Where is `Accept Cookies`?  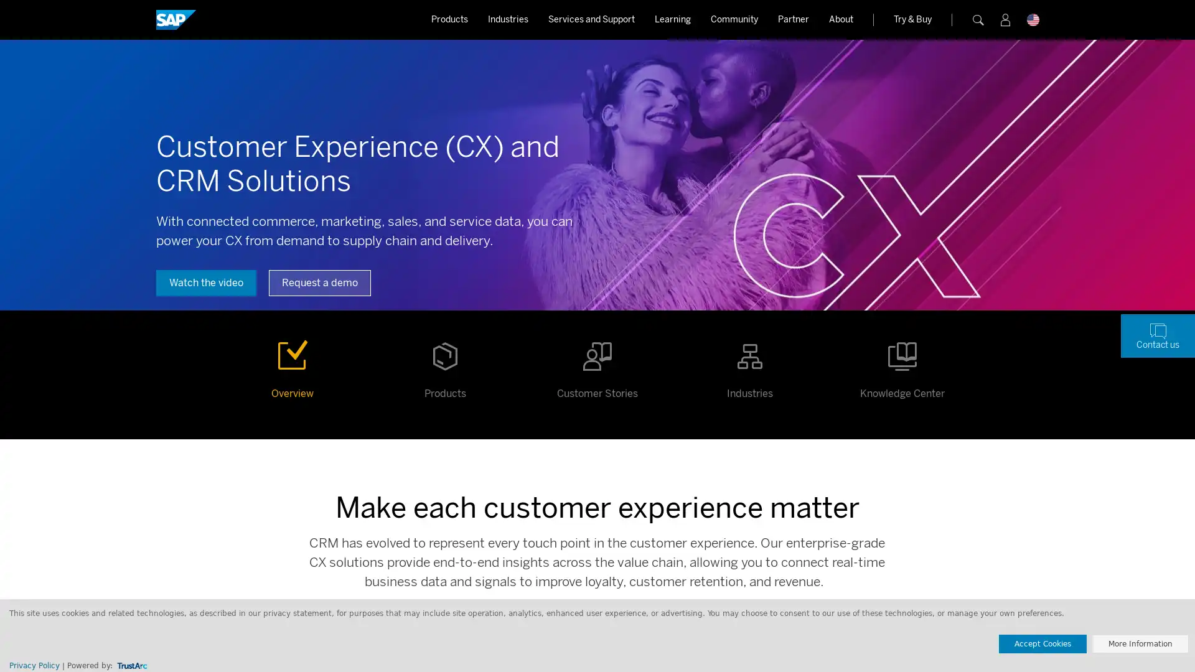 Accept Cookies is located at coordinates (1043, 643).